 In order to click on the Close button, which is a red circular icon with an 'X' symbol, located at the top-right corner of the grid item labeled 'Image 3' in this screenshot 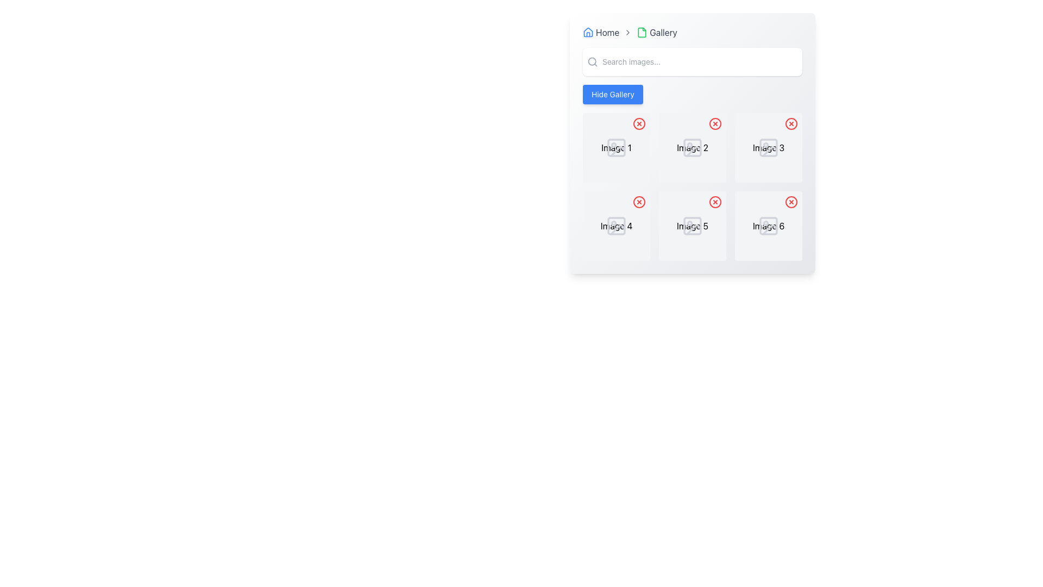, I will do `click(791, 123)`.